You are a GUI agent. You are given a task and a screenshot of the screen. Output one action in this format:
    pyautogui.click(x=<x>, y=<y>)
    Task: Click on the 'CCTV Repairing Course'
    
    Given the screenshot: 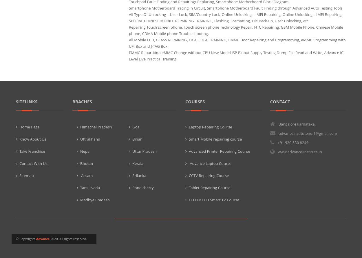 What is the action you would take?
    pyautogui.click(x=209, y=175)
    